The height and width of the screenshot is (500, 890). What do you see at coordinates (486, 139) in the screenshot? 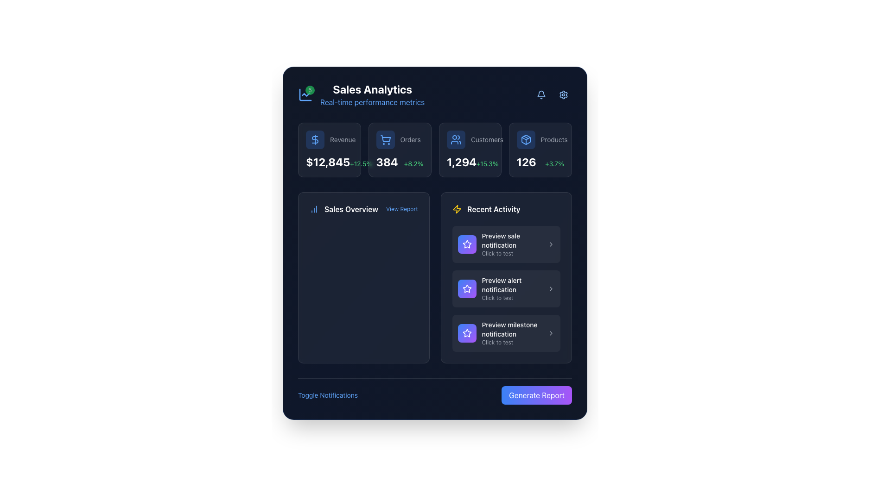
I see `the text label indicating customer data located in the 'Customers' section of the overview area, positioned to the right of the user icon` at bounding box center [486, 139].